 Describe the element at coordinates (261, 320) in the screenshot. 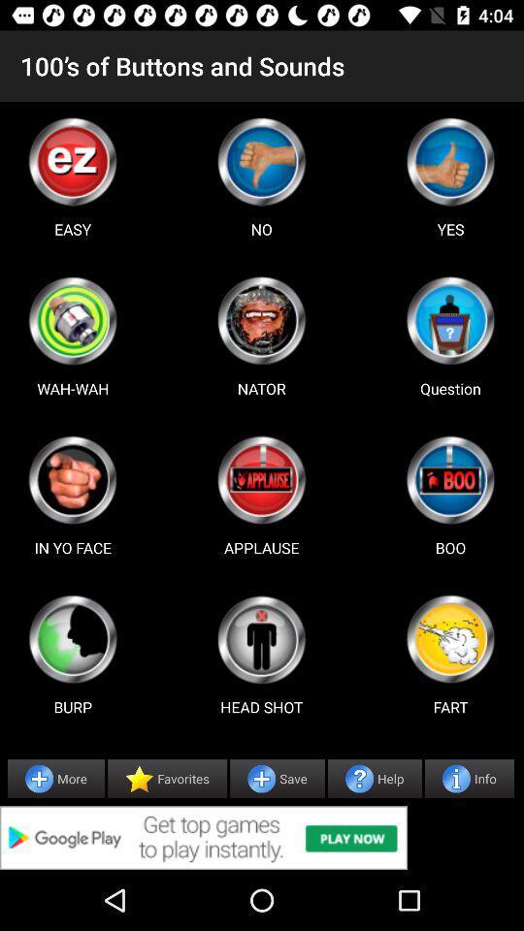

I see `nator button/sound` at that location.